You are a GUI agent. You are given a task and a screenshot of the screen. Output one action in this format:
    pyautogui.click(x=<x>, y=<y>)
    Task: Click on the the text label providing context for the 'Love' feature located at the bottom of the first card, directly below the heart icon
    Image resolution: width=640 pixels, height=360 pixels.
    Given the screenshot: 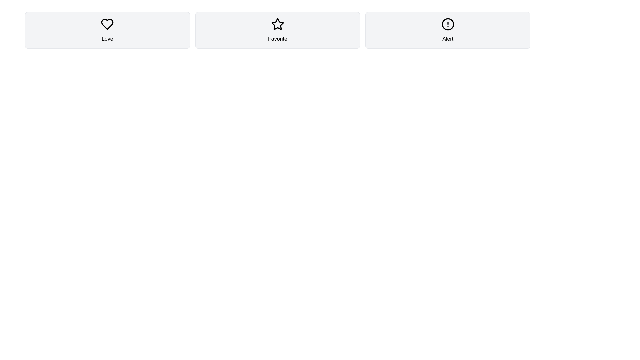 What is the action you would take?
    pyautogui.click(x=107, y=39)
    